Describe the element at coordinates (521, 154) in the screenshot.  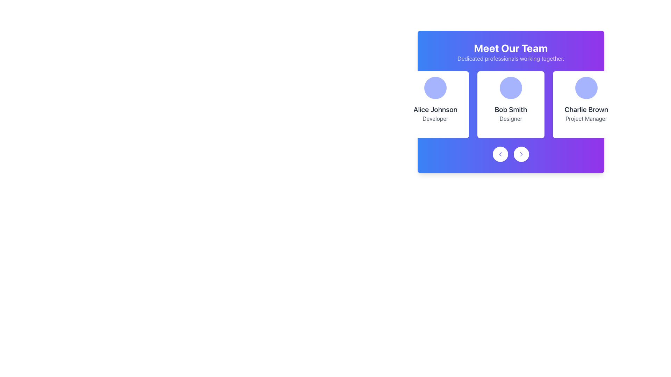
I see `the chevron located within the SVG of the navigation button on the right side, just below the team profile cards` at that location.